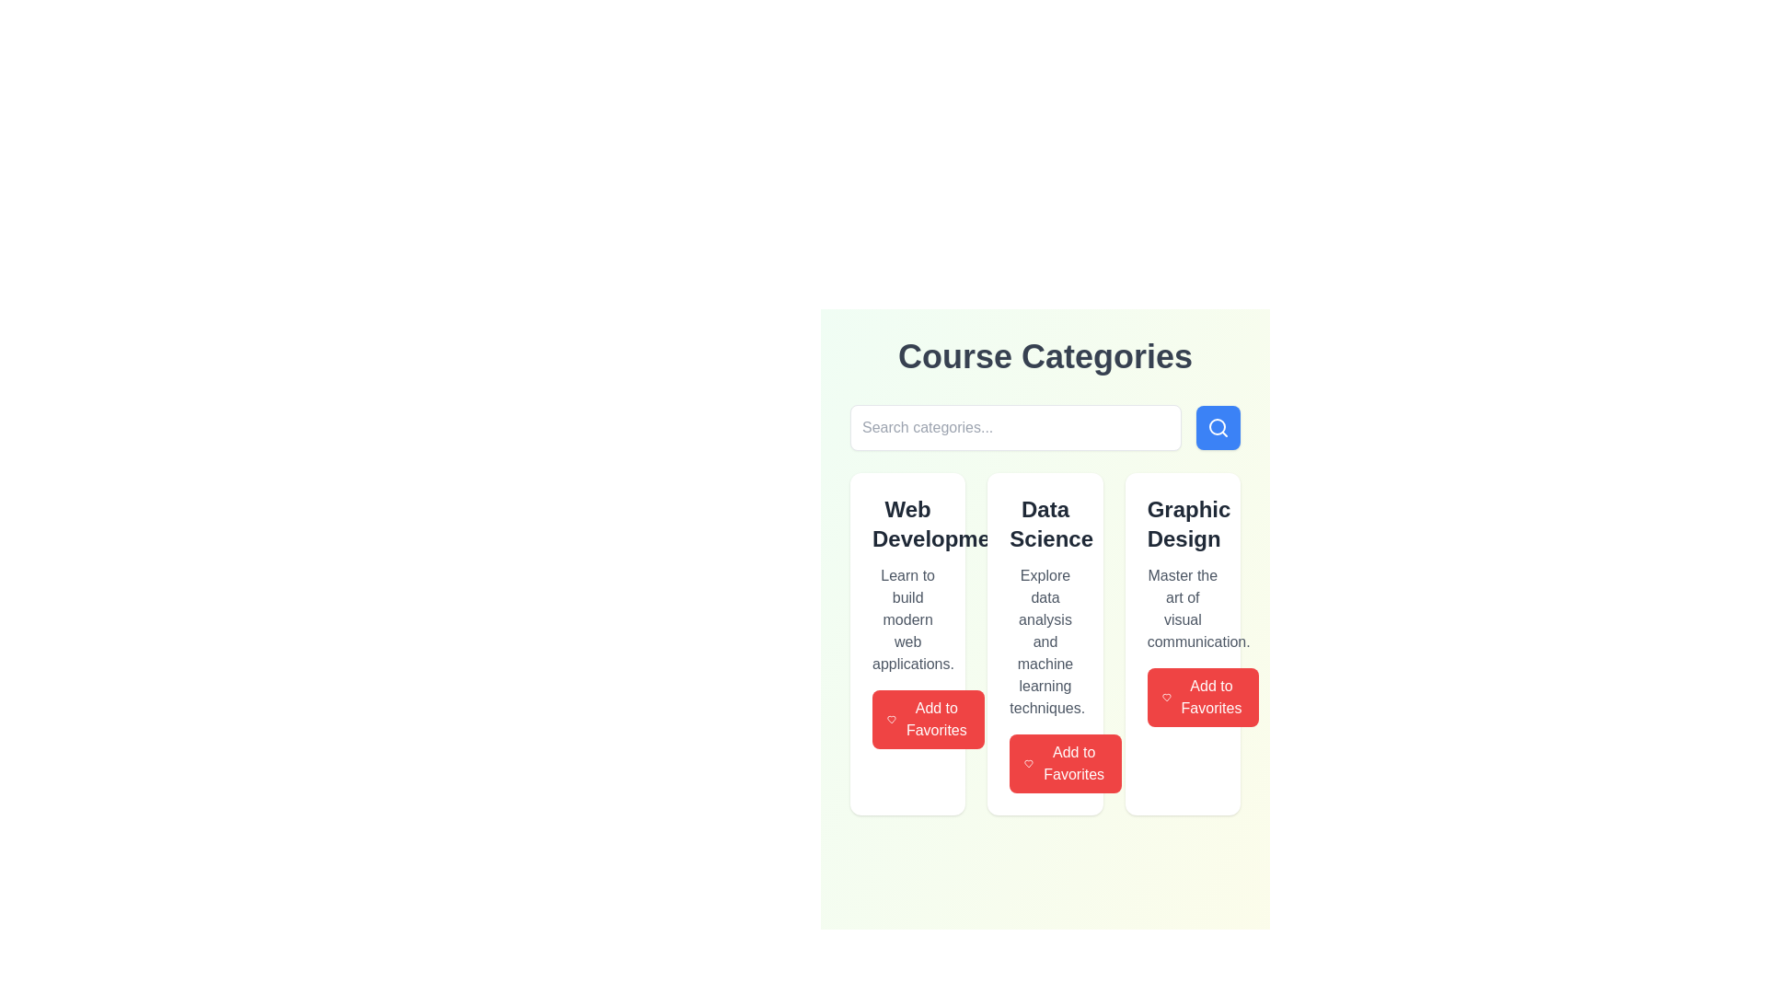  Describe the element at coordinates (1066, 763) in the screenshot. I see `the 'Add to Favorites' button with a red background and white text, located in the bottom section of the 'Data Science' card for accessibility navigation` at that location.